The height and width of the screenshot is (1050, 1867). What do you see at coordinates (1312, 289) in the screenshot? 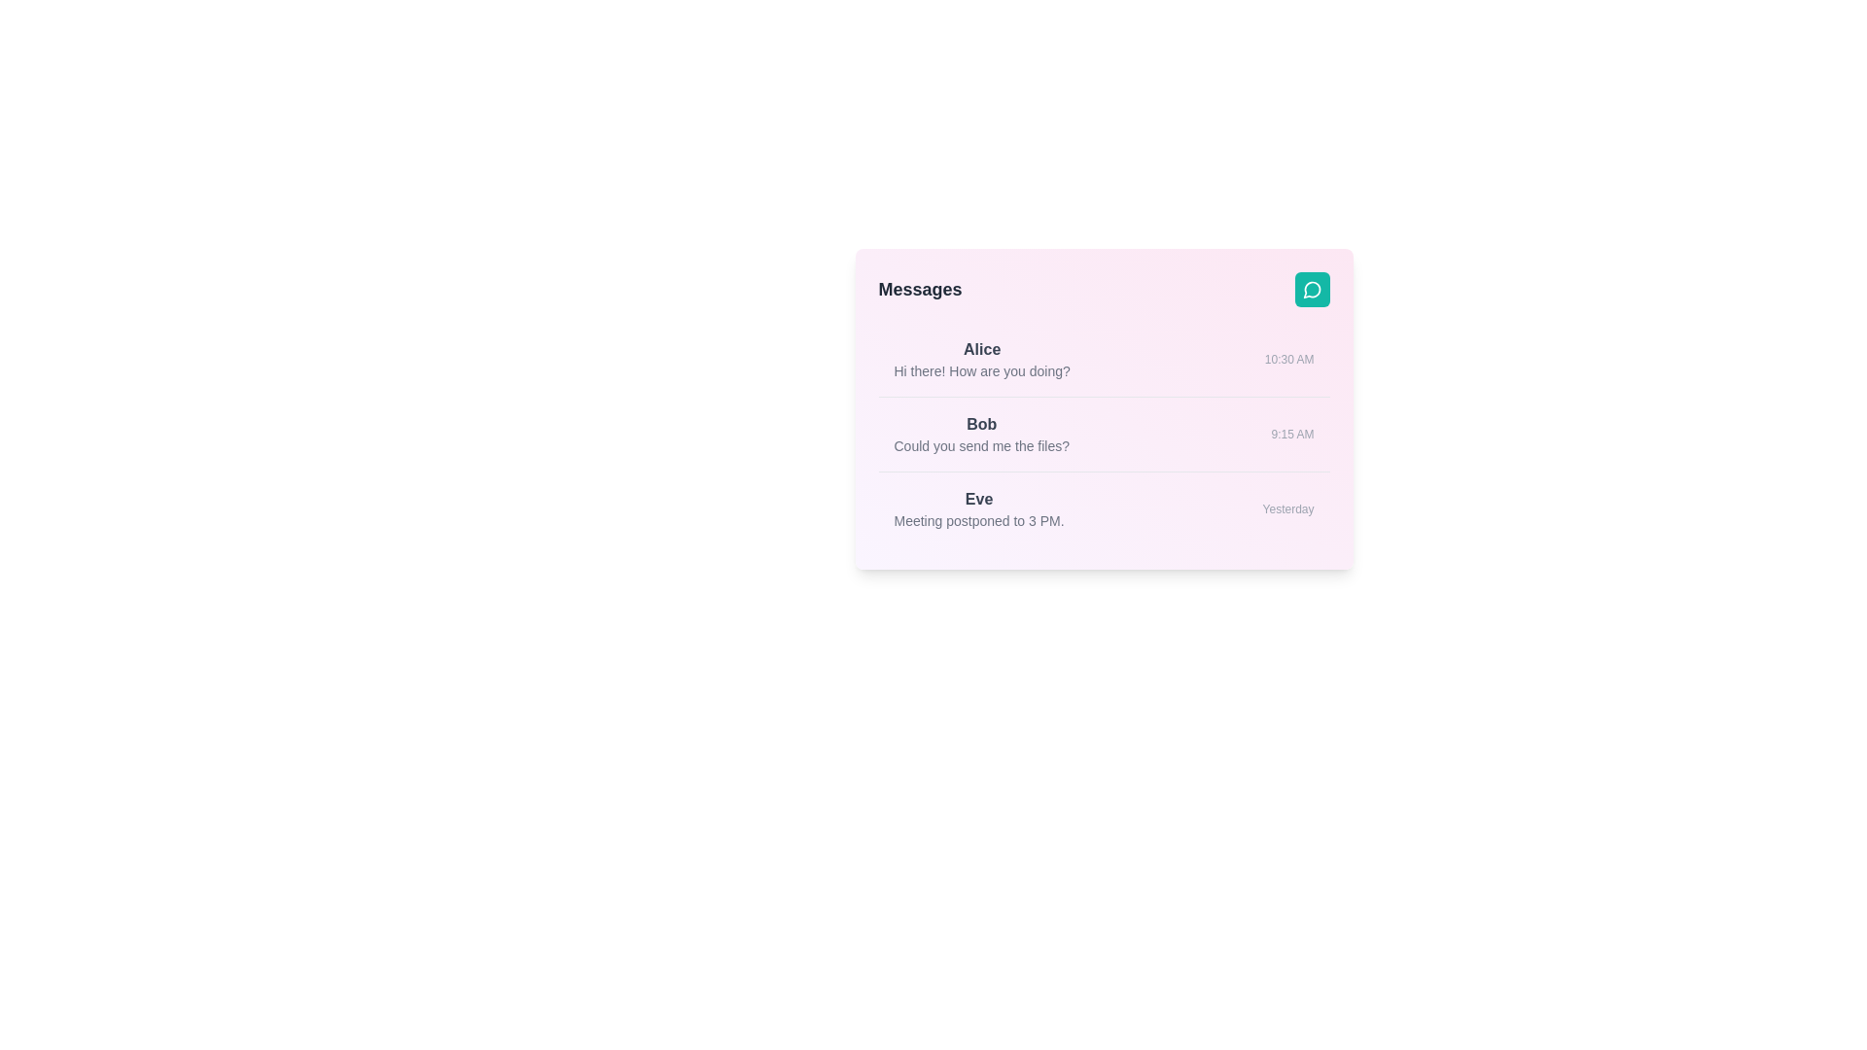
I see `the button in the header of the ConversationFeed component` at bounding box center [1312, 289].